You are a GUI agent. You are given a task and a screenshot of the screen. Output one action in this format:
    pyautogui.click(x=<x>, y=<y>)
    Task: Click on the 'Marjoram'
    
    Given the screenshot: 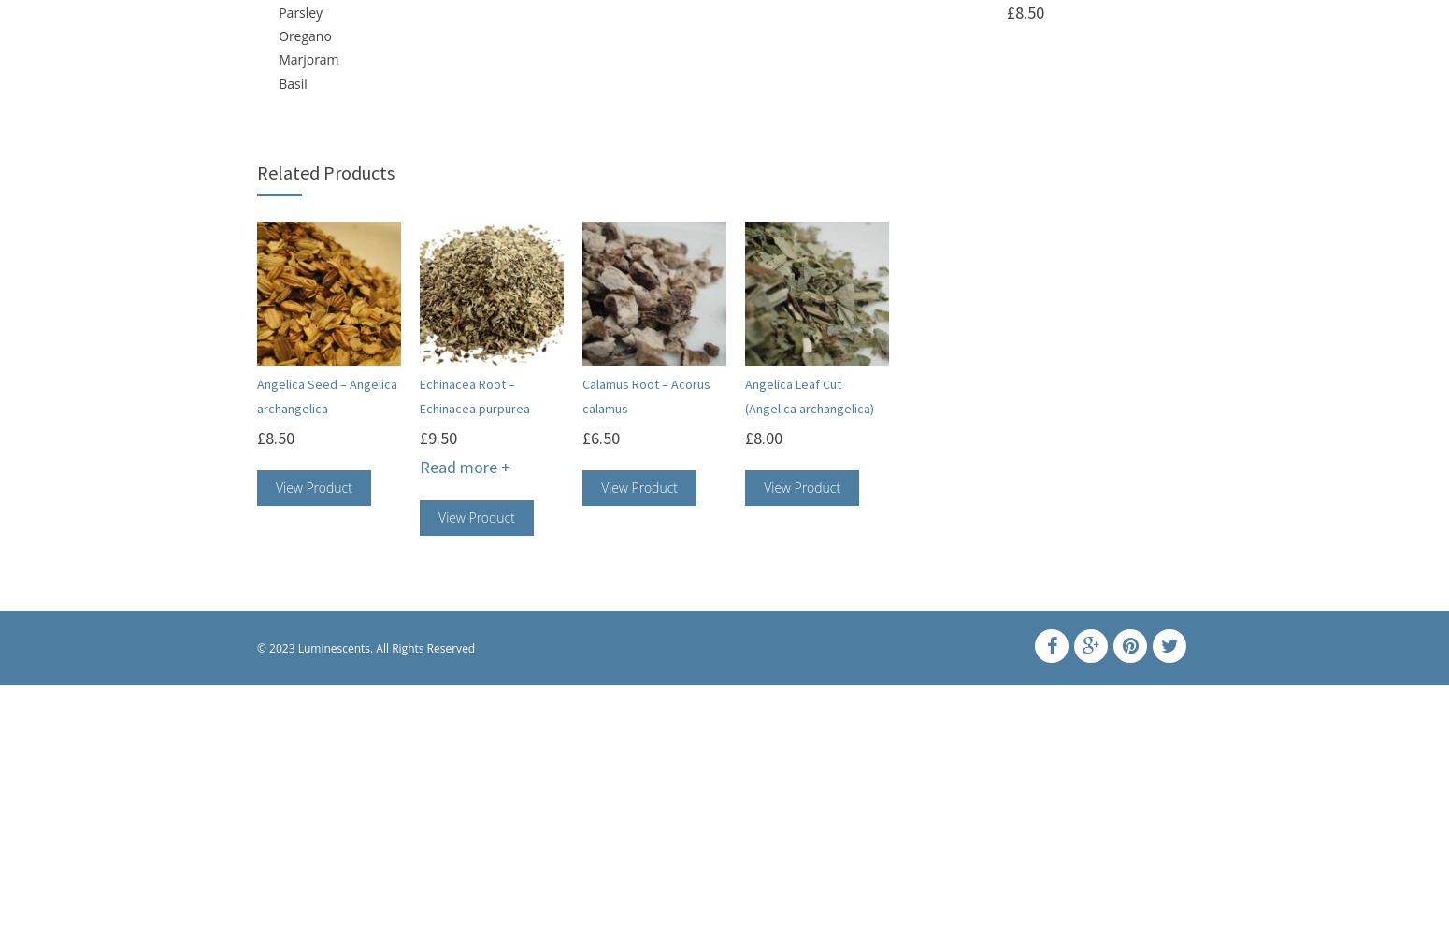 What is the action you would take?
    pyautogui.click(x=279, y=58)
    